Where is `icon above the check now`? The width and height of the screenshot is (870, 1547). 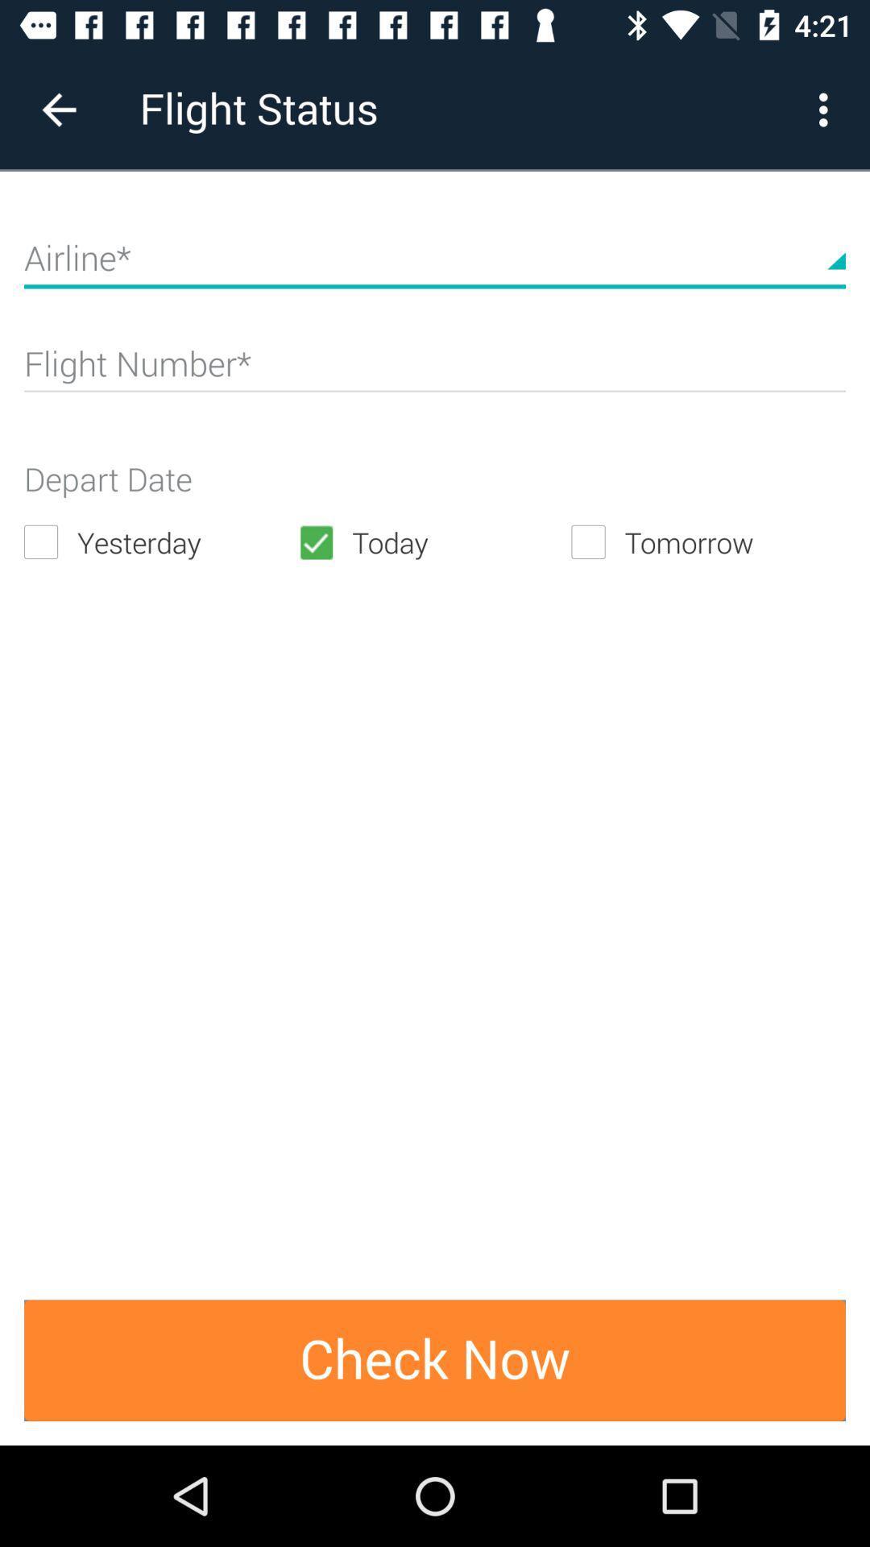 icon above the check now is located at coordinates (160, 542).